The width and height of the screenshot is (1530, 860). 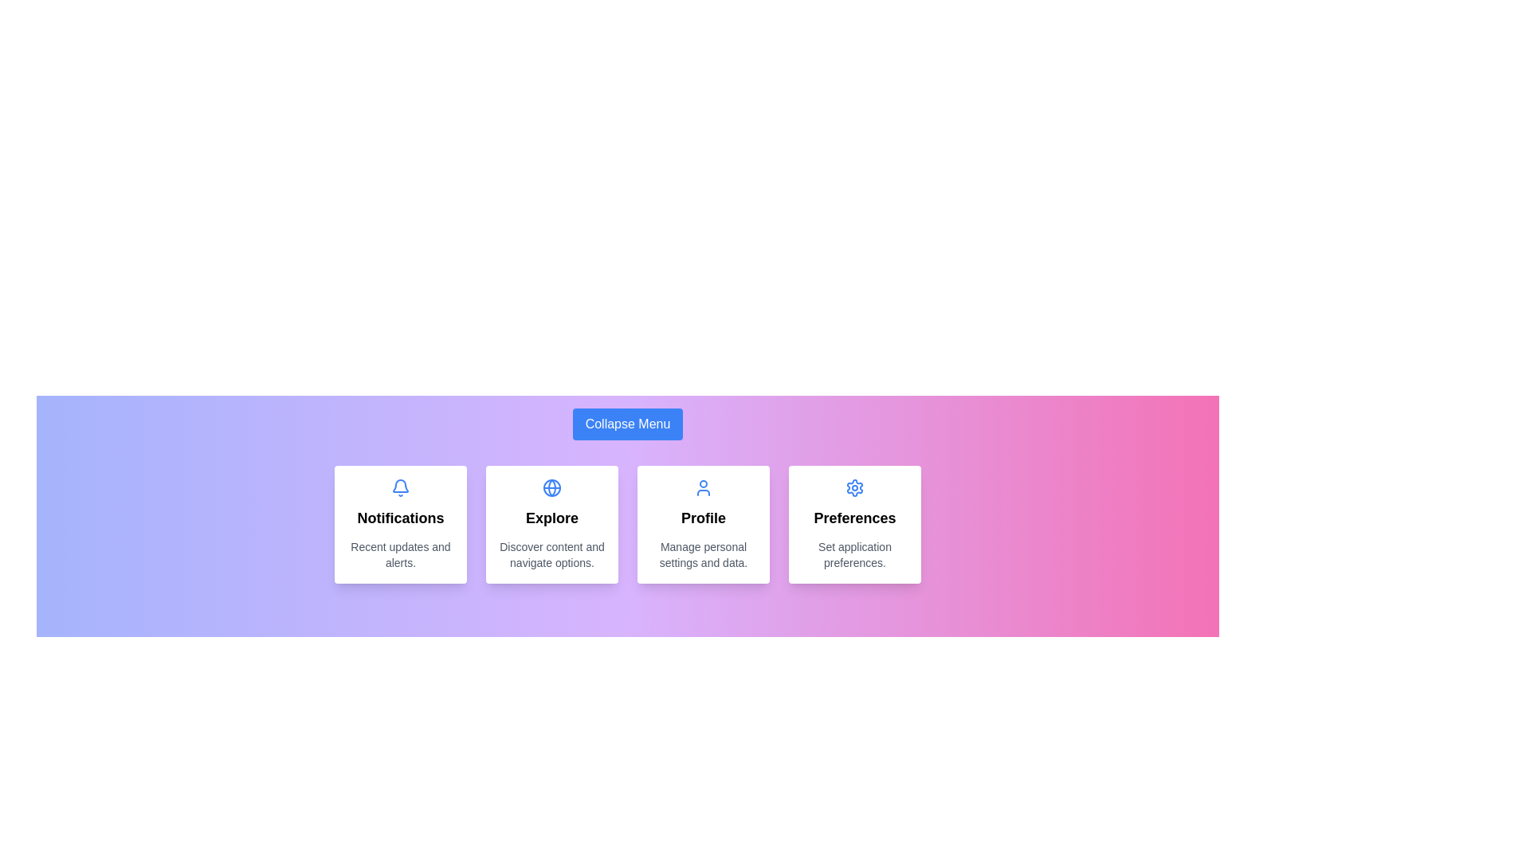 I want to click on the icon corresponding to the menu item Explore, so click(x=551, y=487).